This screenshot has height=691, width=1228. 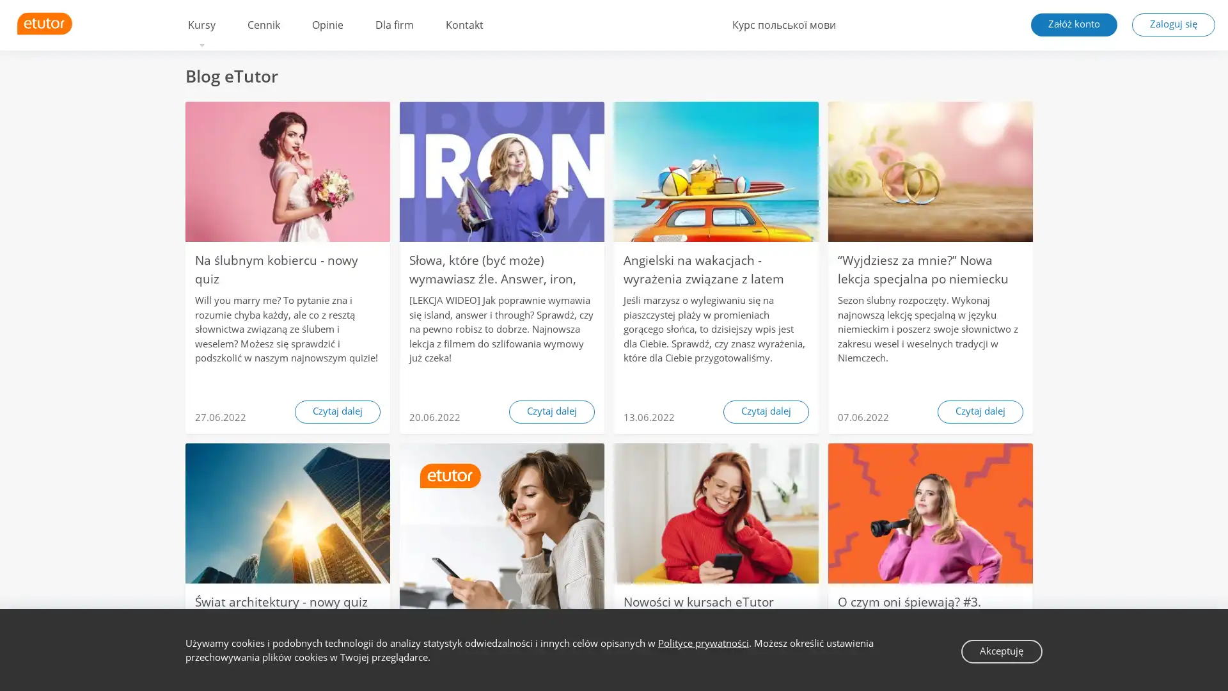 I want to click on Akceptuje, so click(x=1001, y=651).